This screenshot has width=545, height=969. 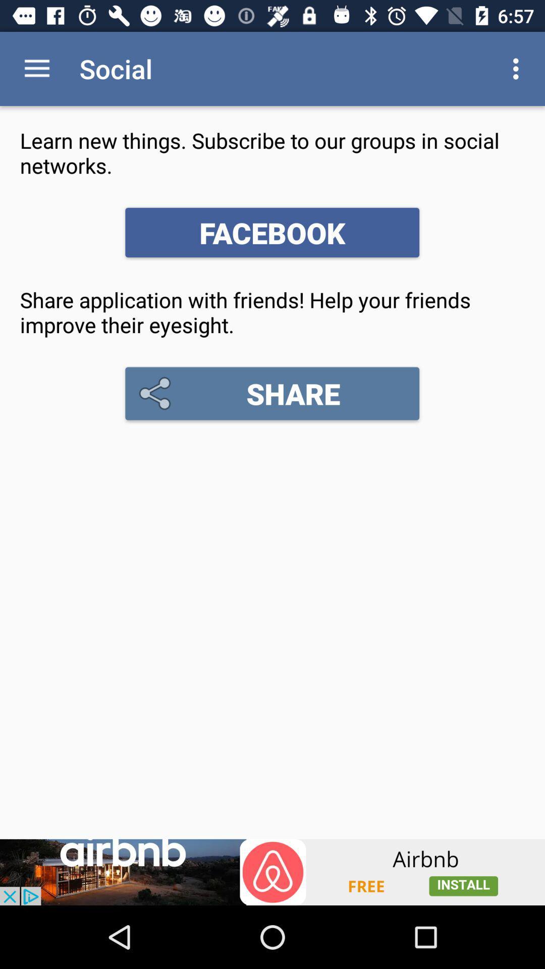 I want to click on view advertisement, so click(x=272, y=872).